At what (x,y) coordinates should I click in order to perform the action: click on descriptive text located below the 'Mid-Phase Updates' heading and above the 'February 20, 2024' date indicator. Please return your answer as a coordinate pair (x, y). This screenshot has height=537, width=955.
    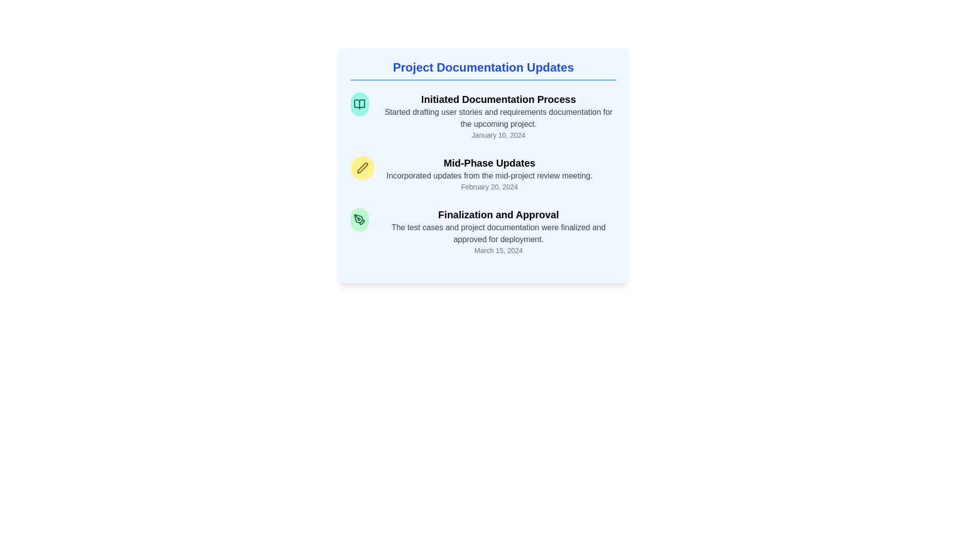
    Looking at the image, I should click on (489, 176).